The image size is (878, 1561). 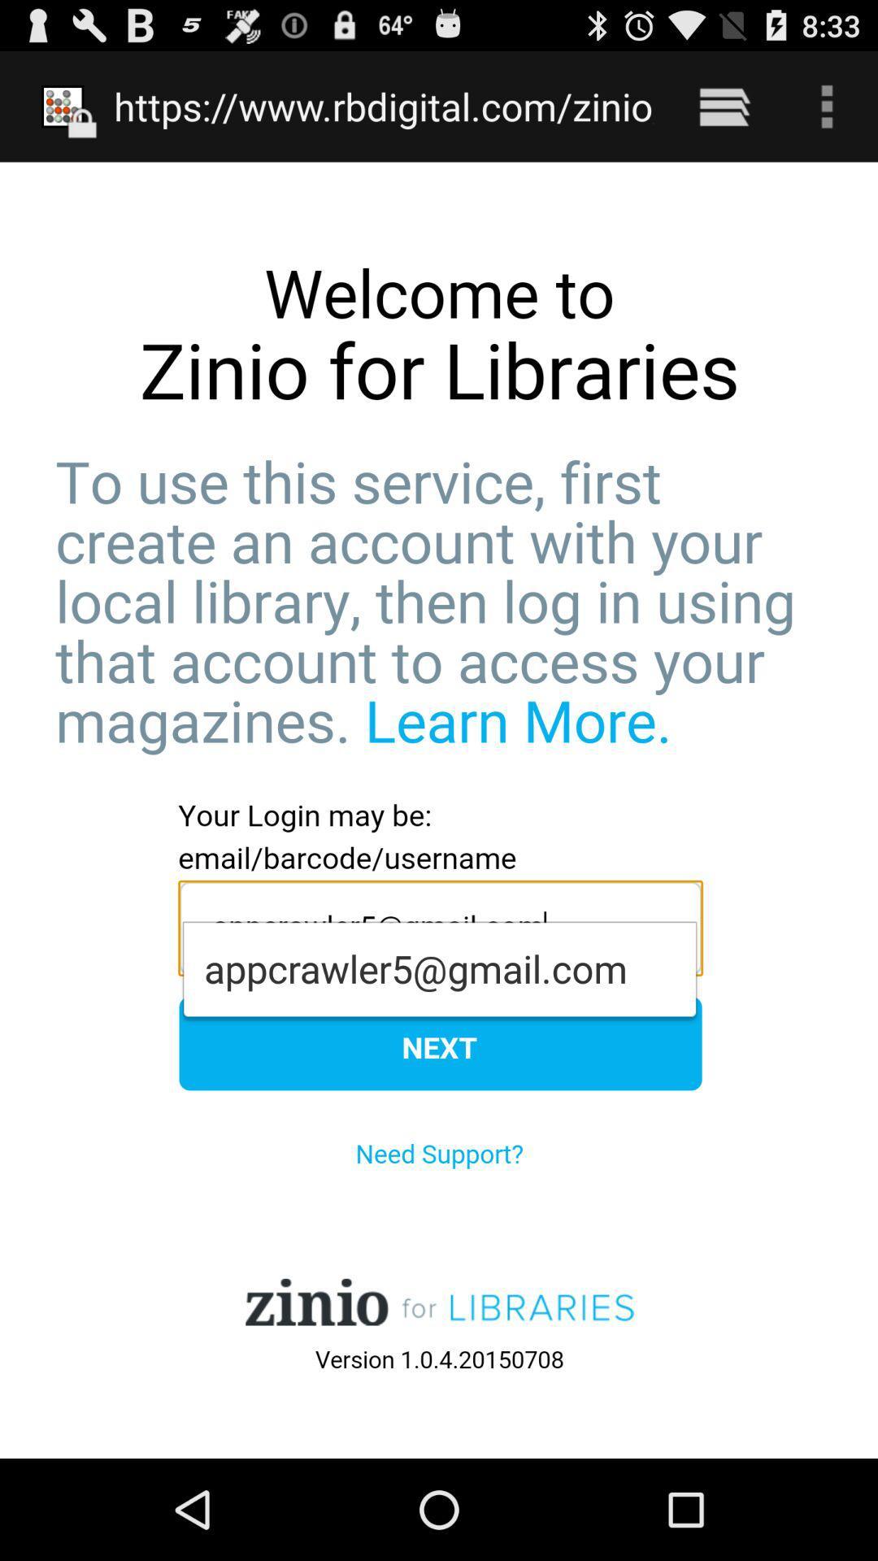 What do you see at coordinates (384, 106) in the screenshot?
I see `the https www rbdigital at the top` at bounding box center [384, 106].